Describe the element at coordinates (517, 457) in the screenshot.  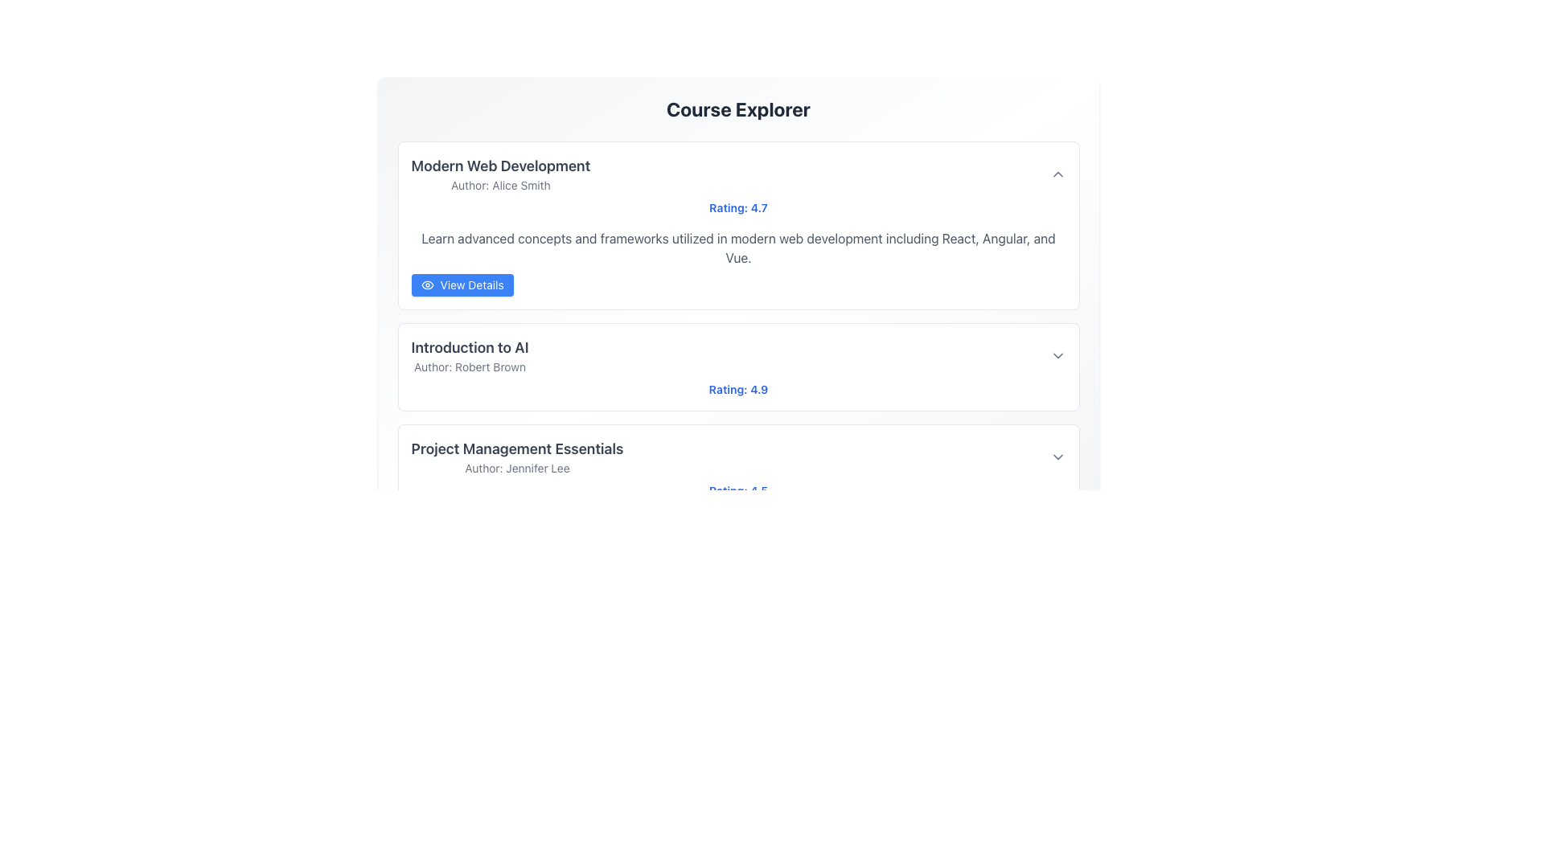
I see `title and author information displayed in the textual information display element located in the lower section of the vertical list, which is the third item in the layout, situated between 'Introduction to AI' and its rating information` at that location.